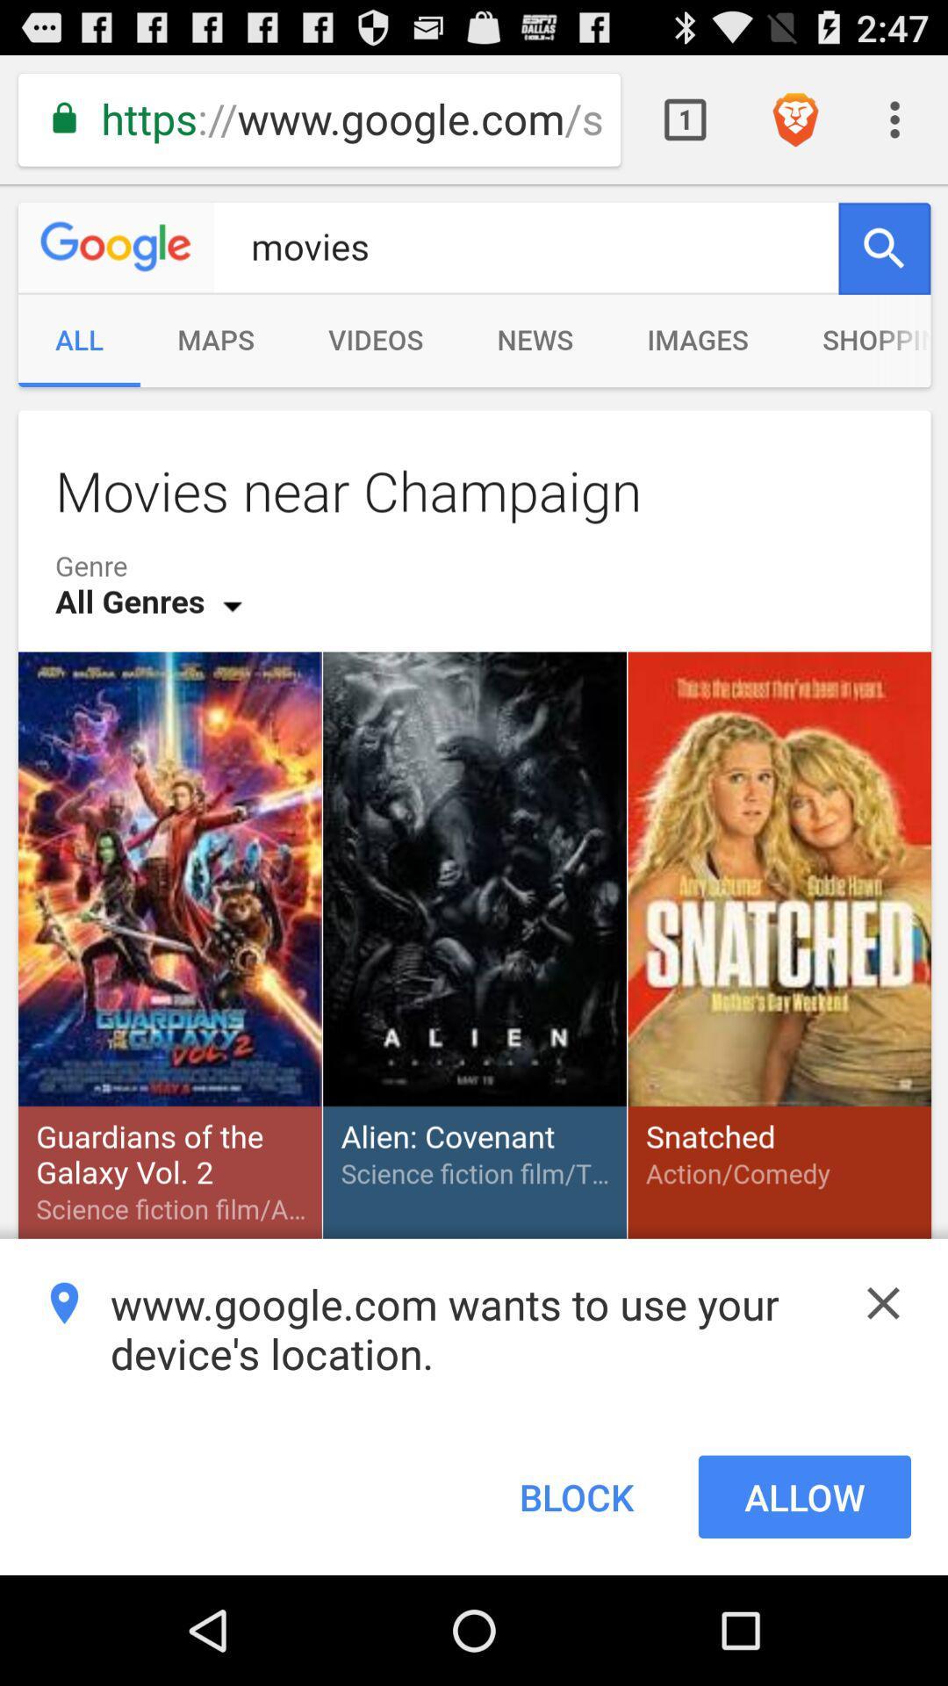 The height and width of the screenshot is (1686, 948). I want to click on the close icon, so click(883, 1394).